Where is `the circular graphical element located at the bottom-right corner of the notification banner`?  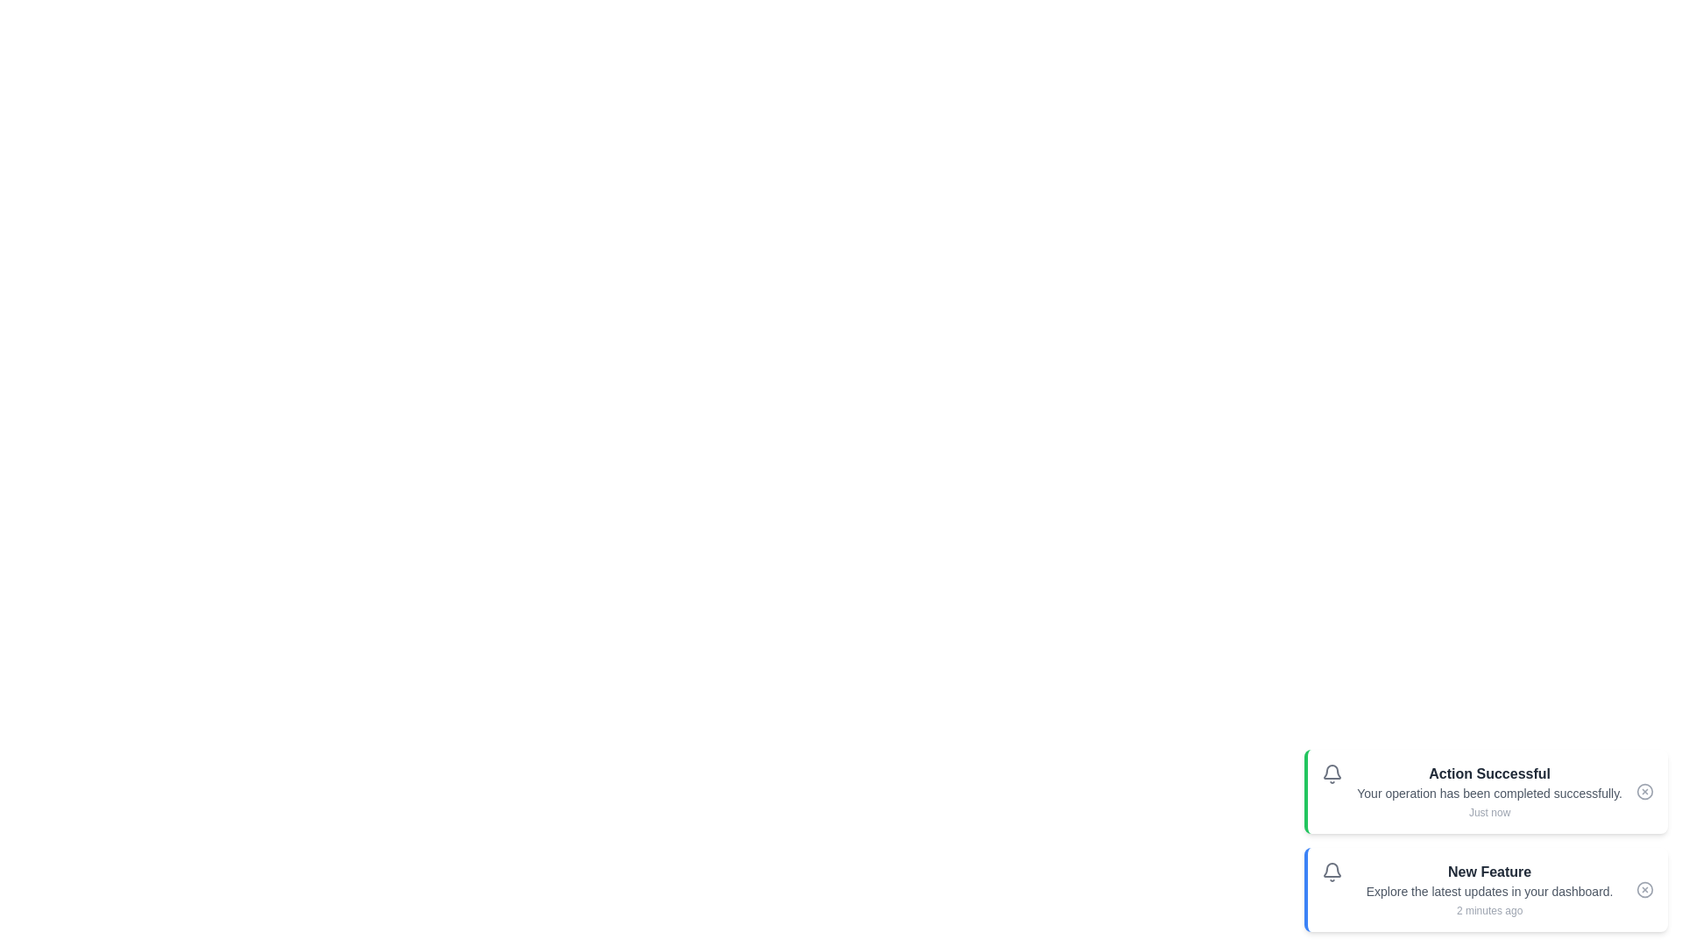 the circular graphical element located at the bottom-right corner of the notification banner is located at coordinates (1643, 889).